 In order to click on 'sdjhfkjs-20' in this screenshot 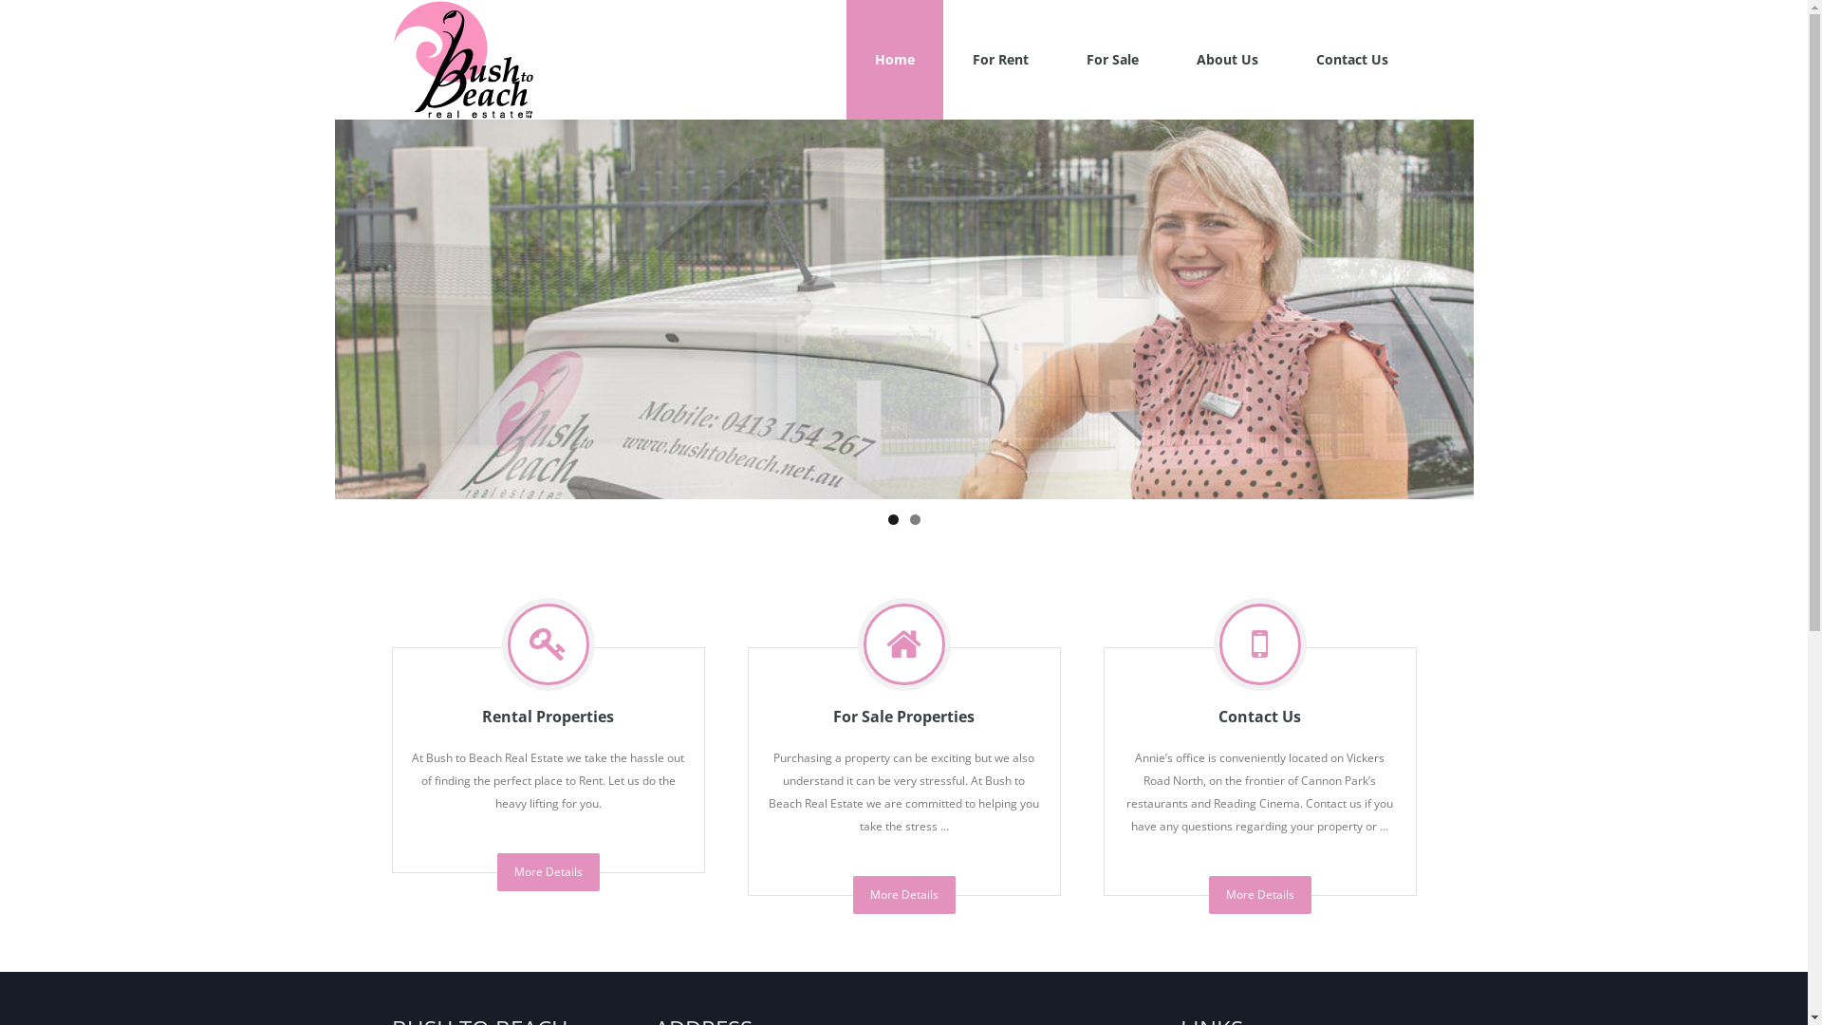, I will do `click(902, 308)`.